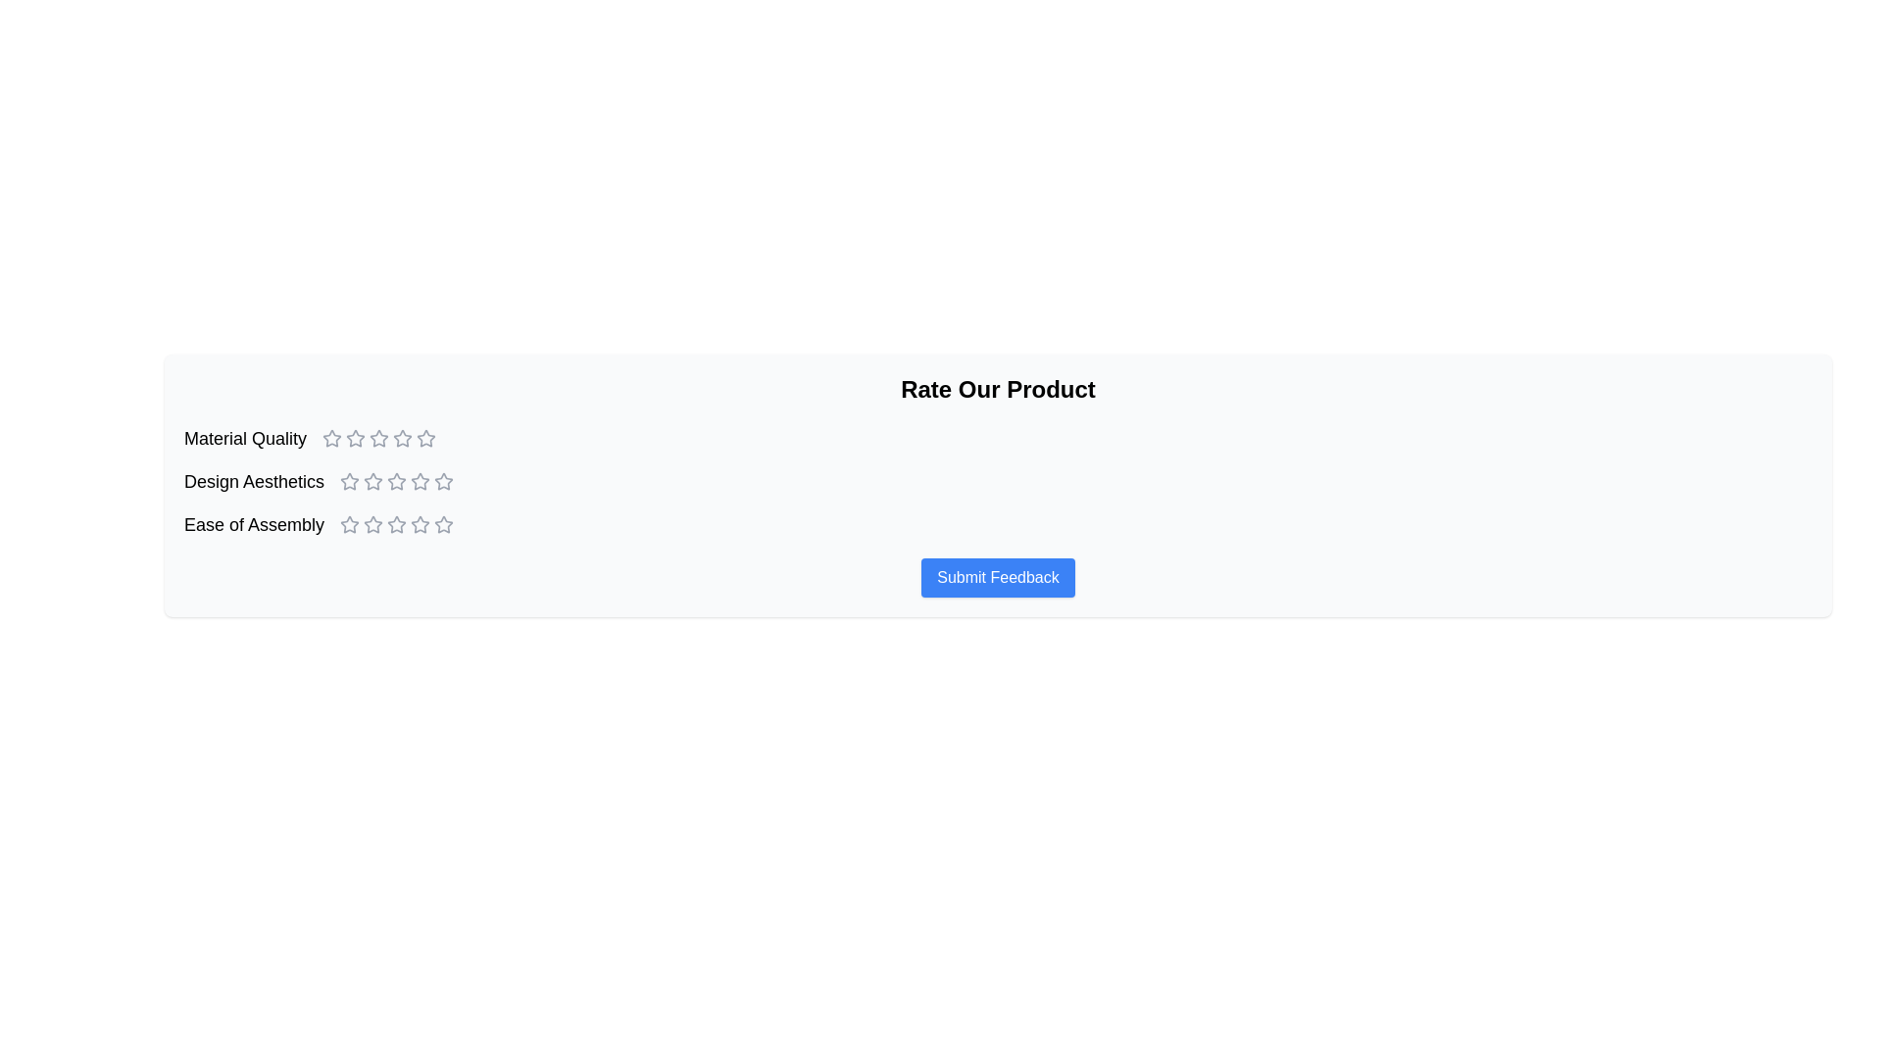 This screenshot has width=1882, height=1058. Describe the element at coordinates (396, 523) in the screenshot. I see `the second star icon in the 'Ease of Assembly' rating section` at that location.